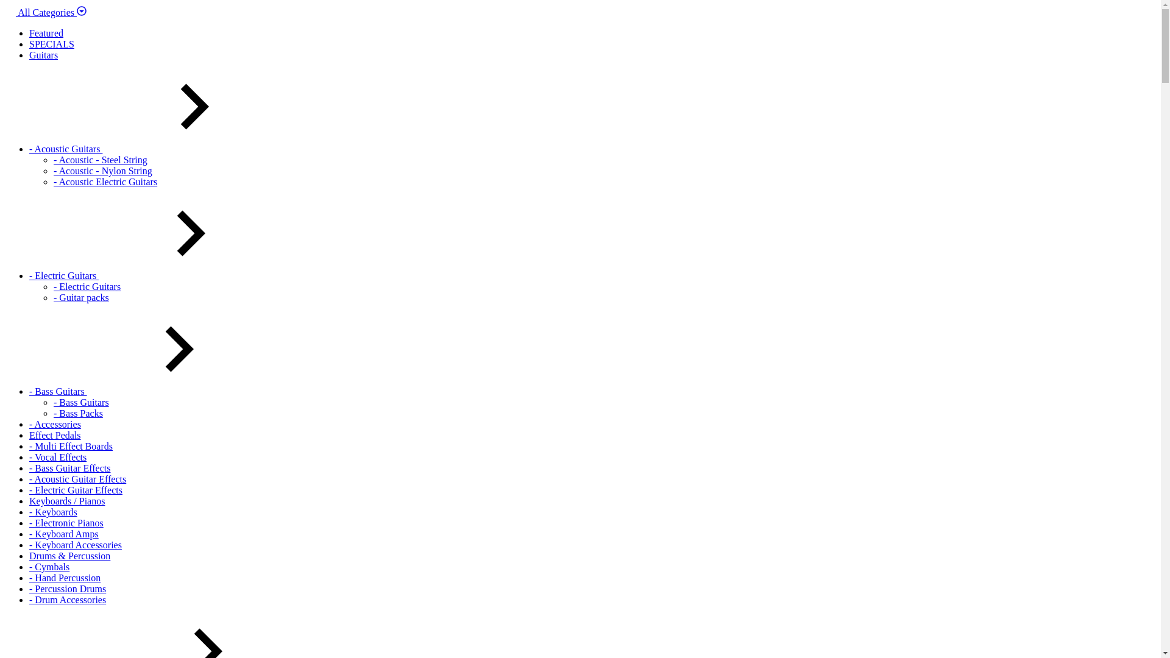 The width and height of the screenshot is (1170, 658). I want to click on '- Hand Percussion', so click(64, 577).